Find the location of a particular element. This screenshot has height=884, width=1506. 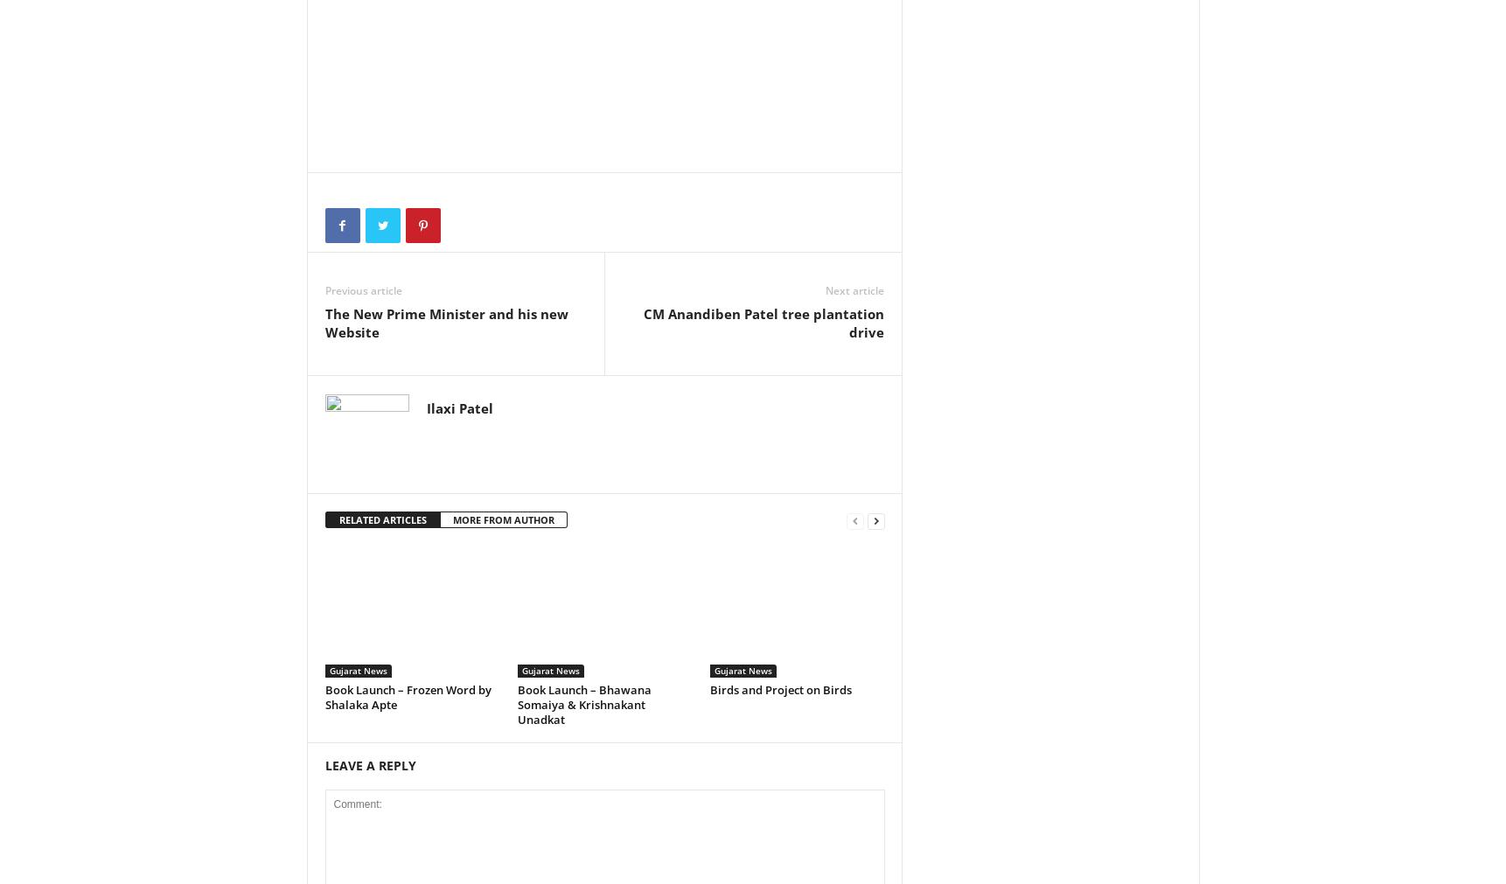

'LEAVE A REPLY' is located at coordinates (324, 764).